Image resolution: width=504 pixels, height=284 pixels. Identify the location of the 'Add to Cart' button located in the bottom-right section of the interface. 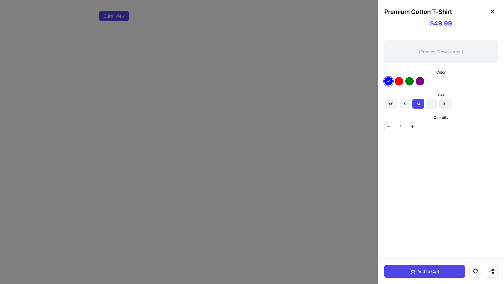
(441, 271).